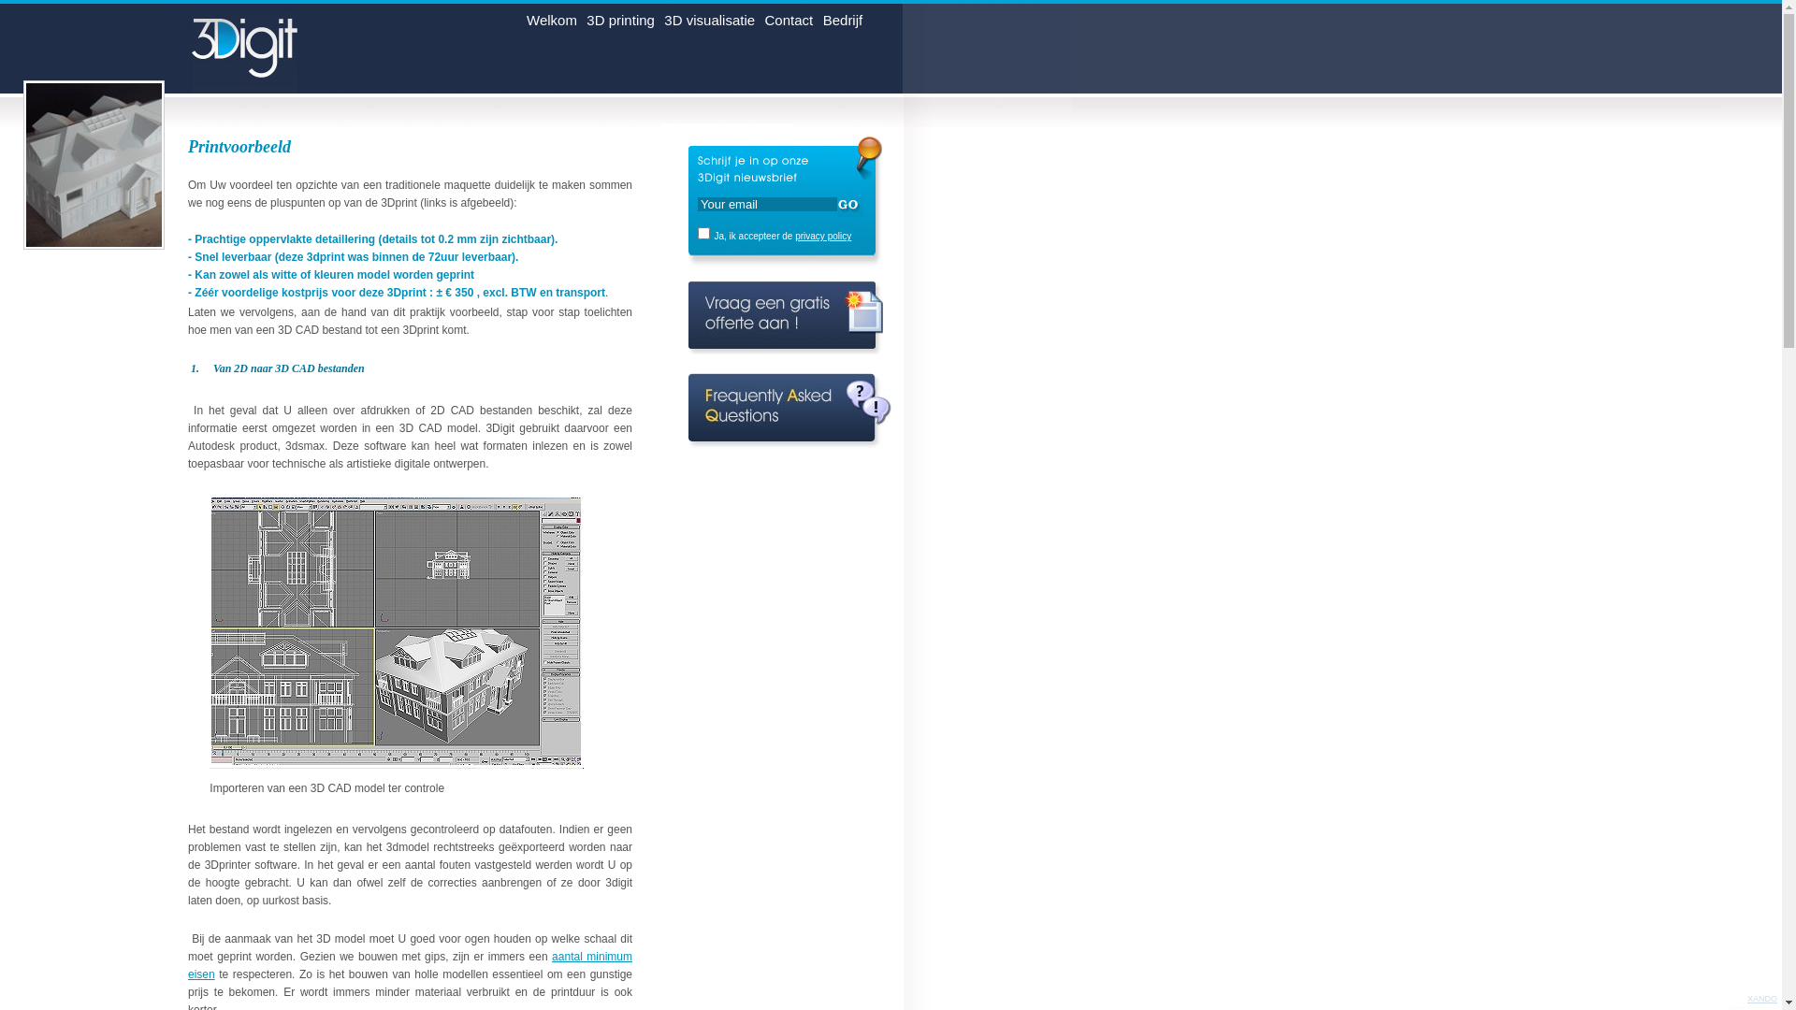 This screenshot has height=1010, width=1796. Describe the element at coordinates (789, 23) in the screenshot. I see `'Contact'` at that location.